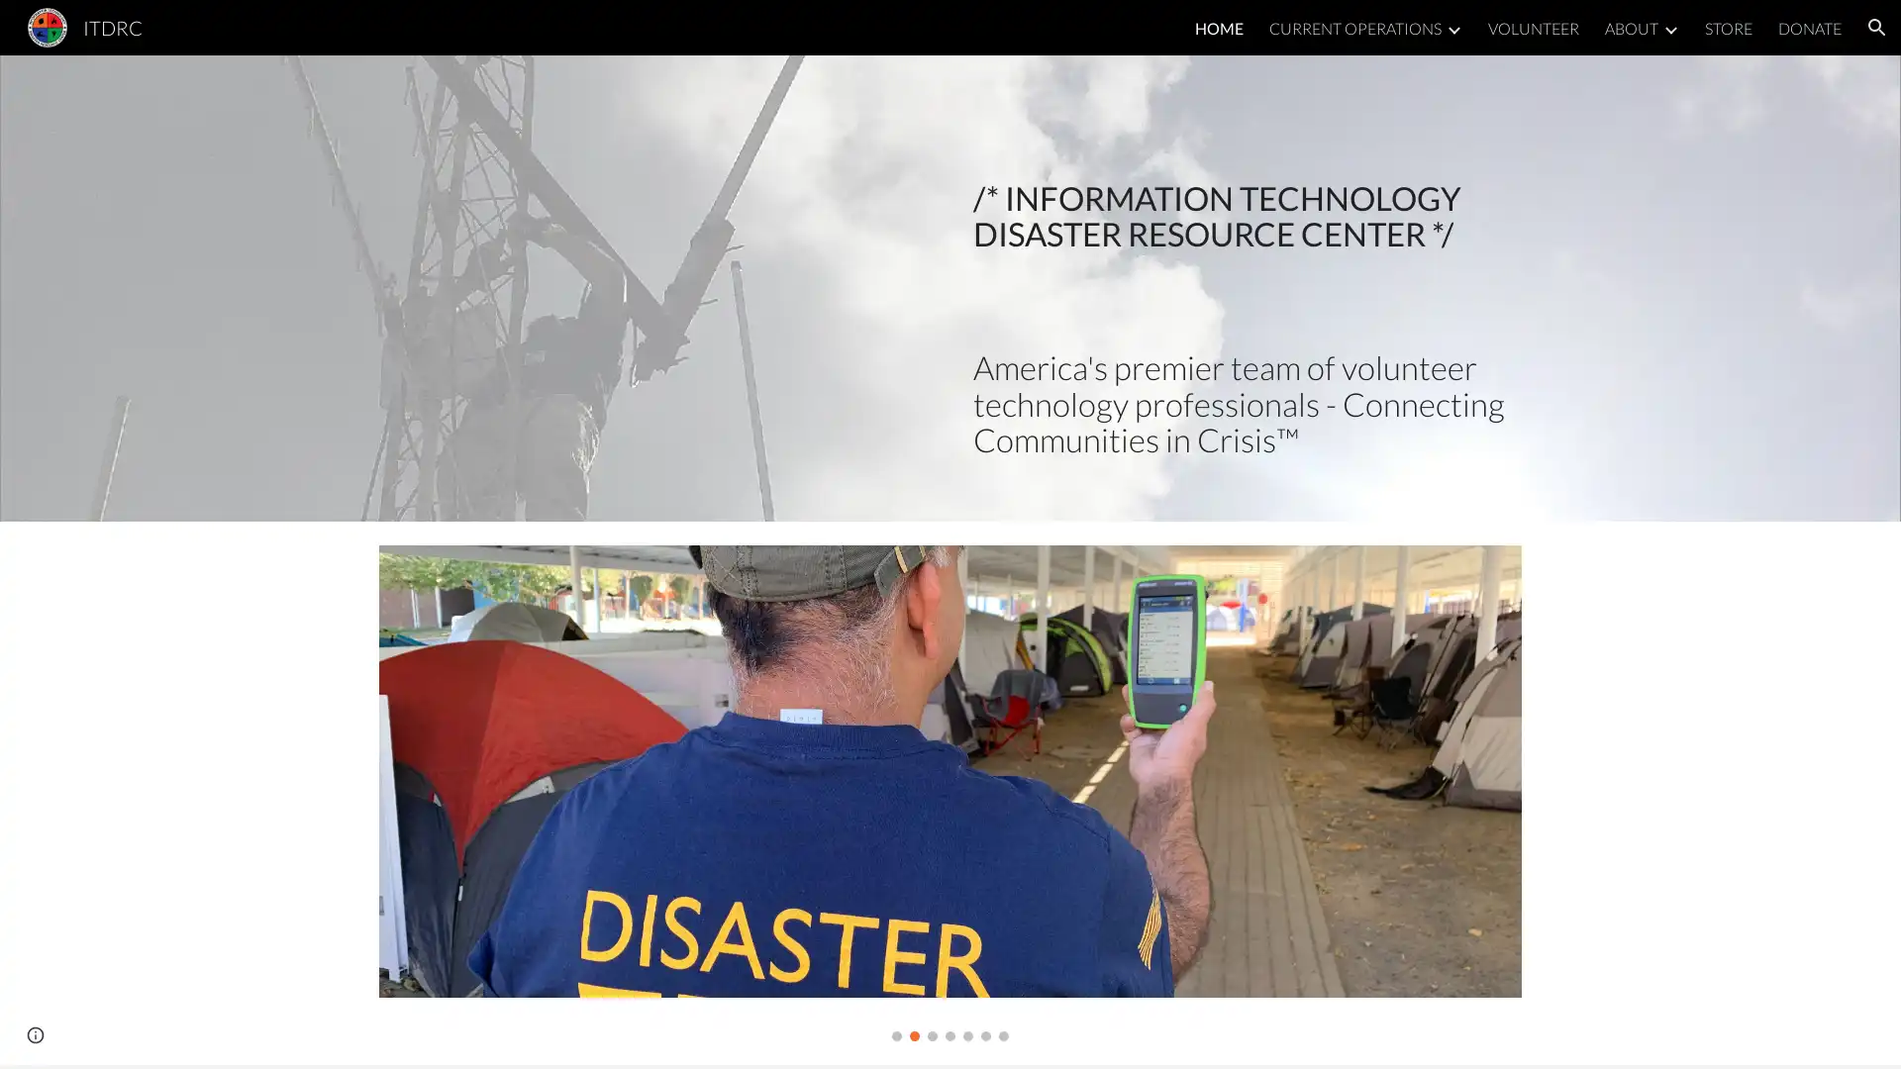 The image size is (1901, 1069). Describe the element at coordinates (35, 1033) in the screenshot. I see `Site actions` at that location.